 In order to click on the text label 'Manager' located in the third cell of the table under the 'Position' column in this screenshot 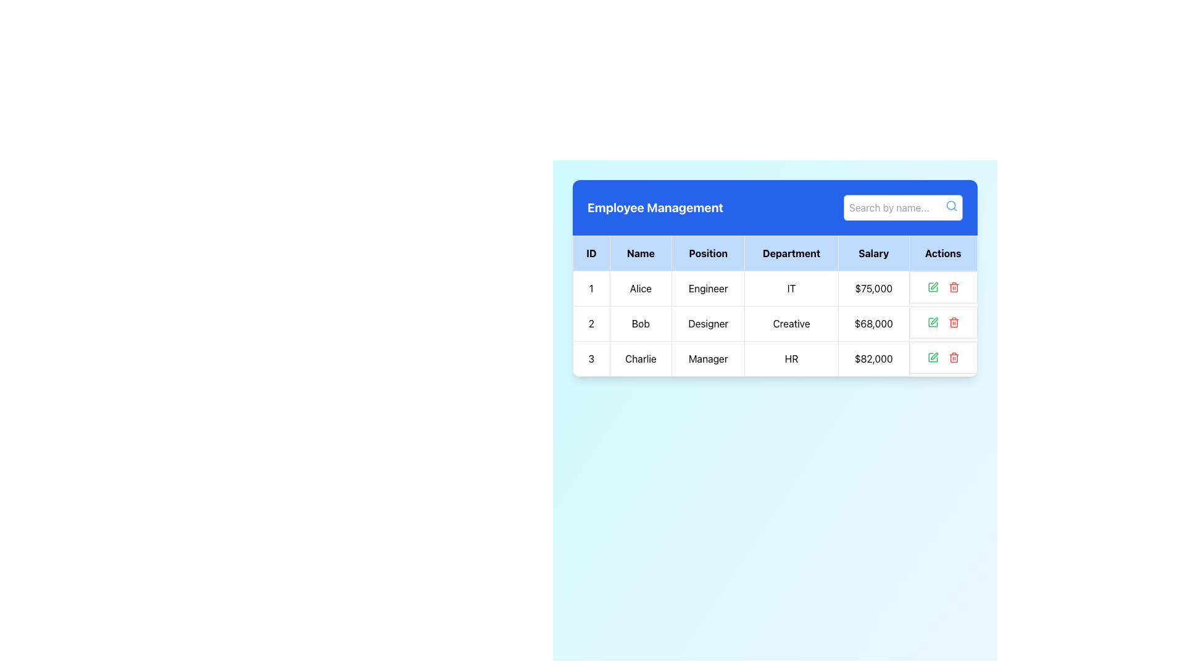, I will do `click(708, 359)`.